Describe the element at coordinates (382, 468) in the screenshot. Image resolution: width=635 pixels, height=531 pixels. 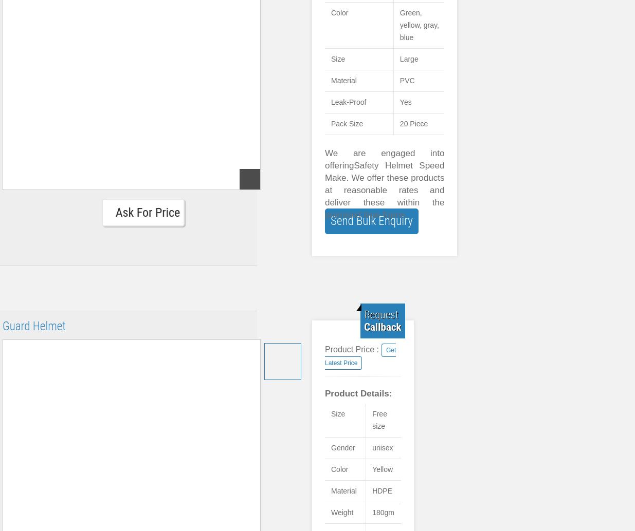
I see `'Yellow'` at that location.